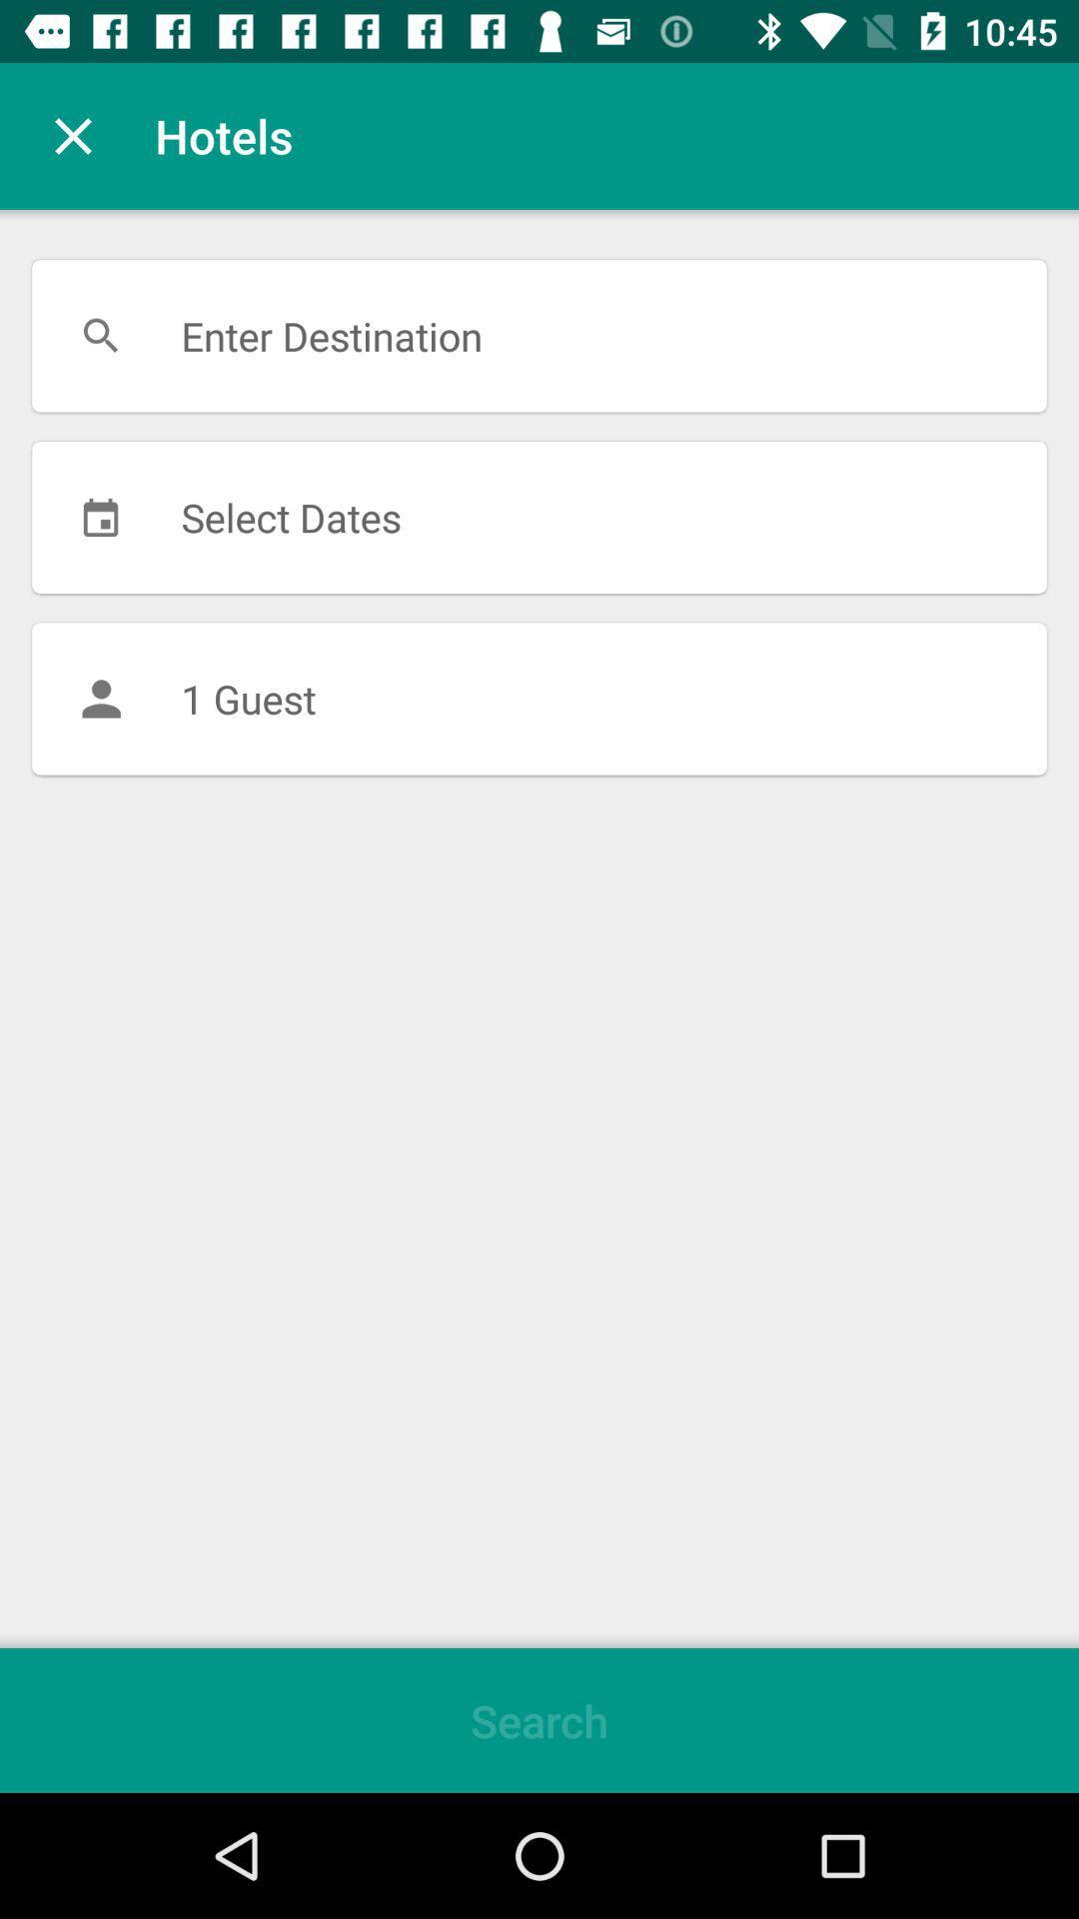  Describe the element at coordinates (539, 517) in the screenshot. I see `select dates icon` at that location.